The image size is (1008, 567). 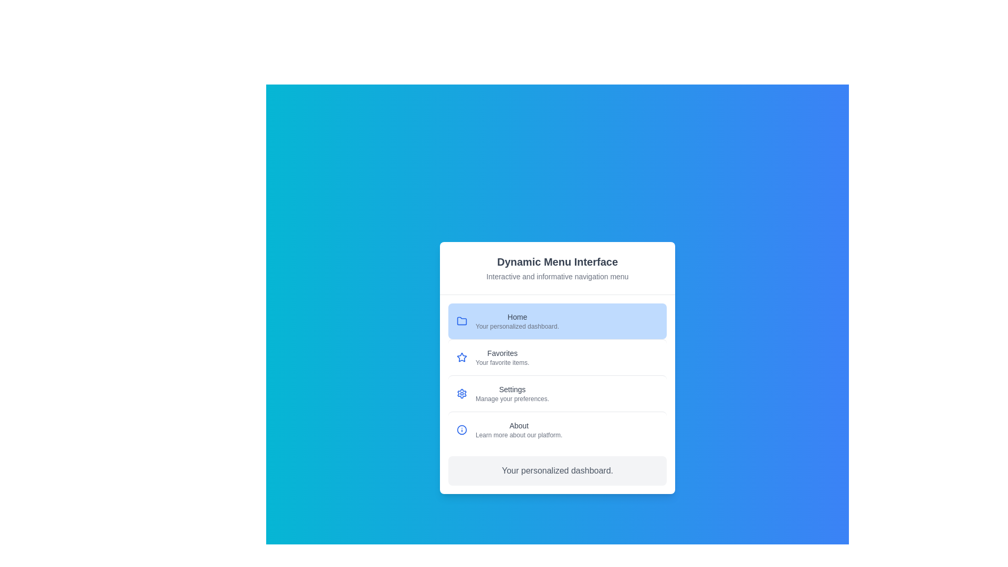 I want to click on the menu item labeled Favorites, so click(x=556, y=356).